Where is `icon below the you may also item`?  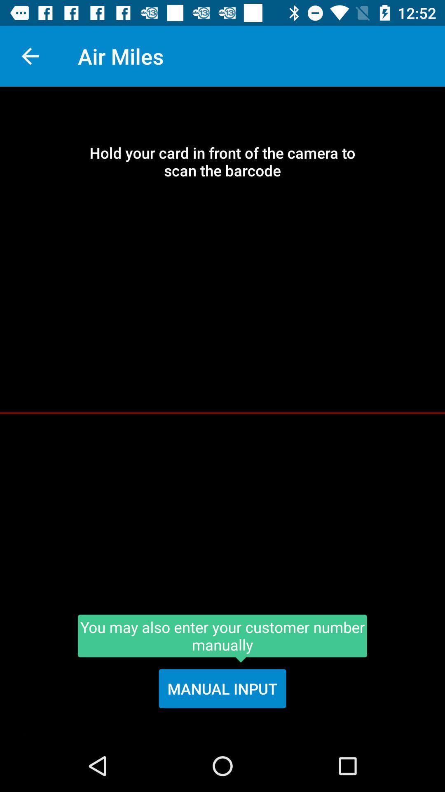
icon below the you may also item is located at coordinates (222, 688).